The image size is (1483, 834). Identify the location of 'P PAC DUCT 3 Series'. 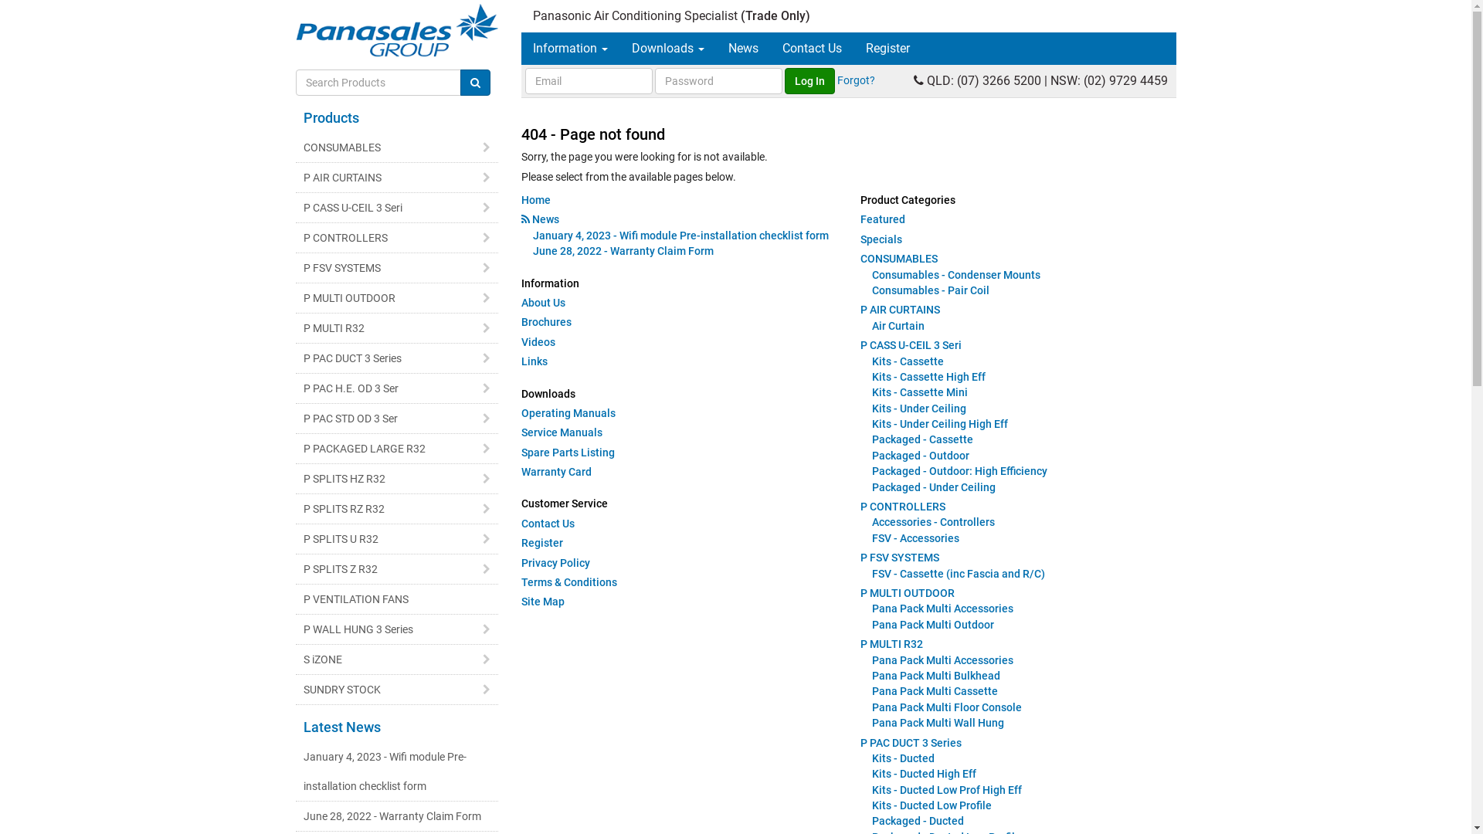
(396, 358).